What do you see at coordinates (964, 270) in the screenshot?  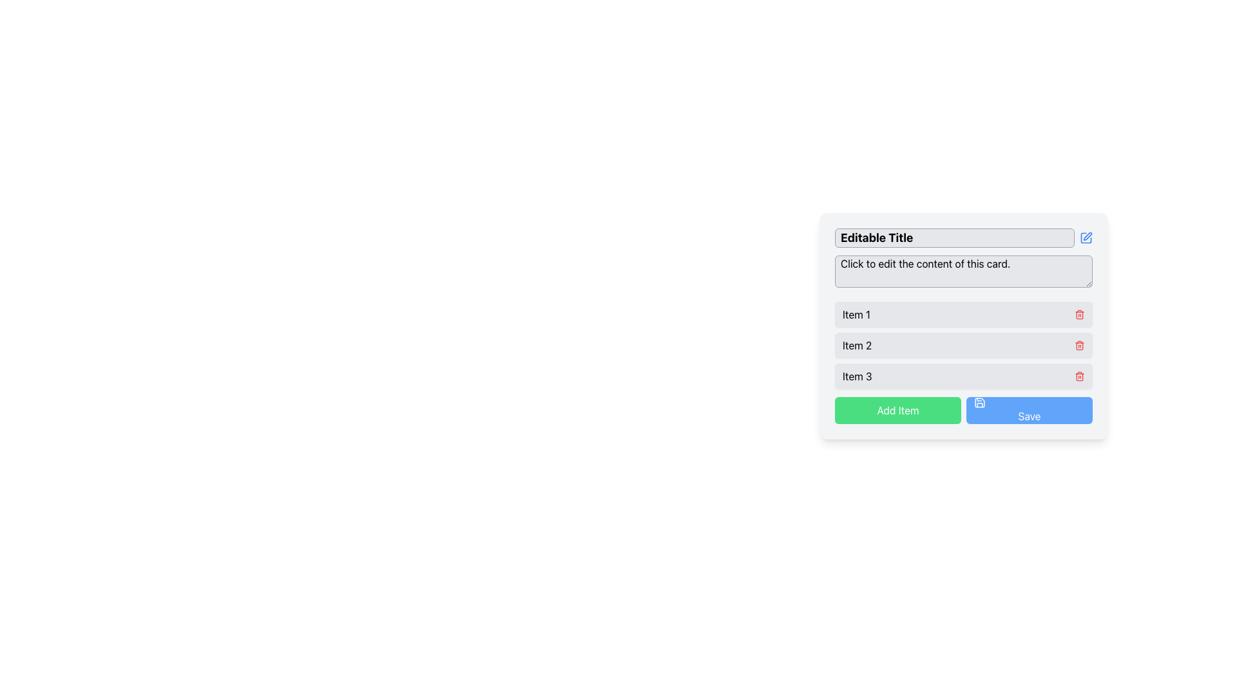 I see `on the editable text field located below the 'Editable Title'` at bounding box center [964, 270].